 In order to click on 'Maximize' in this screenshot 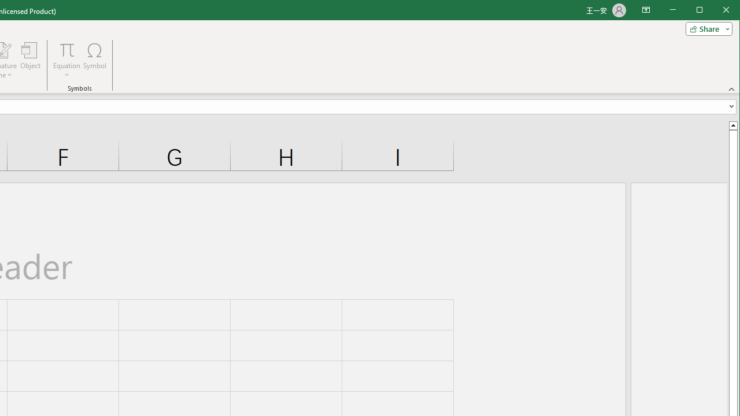, I will do `click(716, 11)`.